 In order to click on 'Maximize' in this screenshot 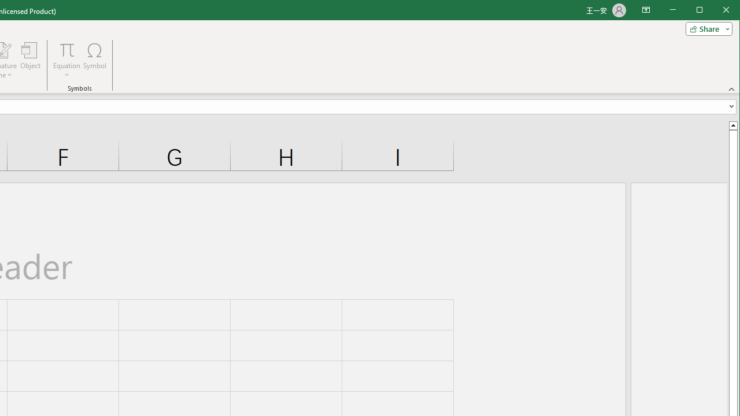, I will do `click(716, 11)`.